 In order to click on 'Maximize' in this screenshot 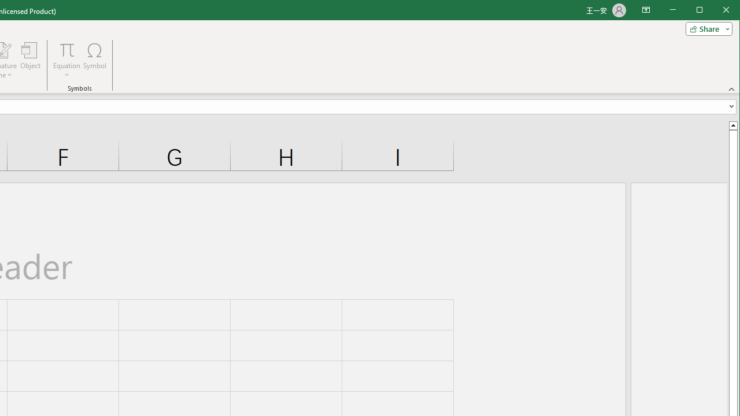, I will do `click(716, 11)`.